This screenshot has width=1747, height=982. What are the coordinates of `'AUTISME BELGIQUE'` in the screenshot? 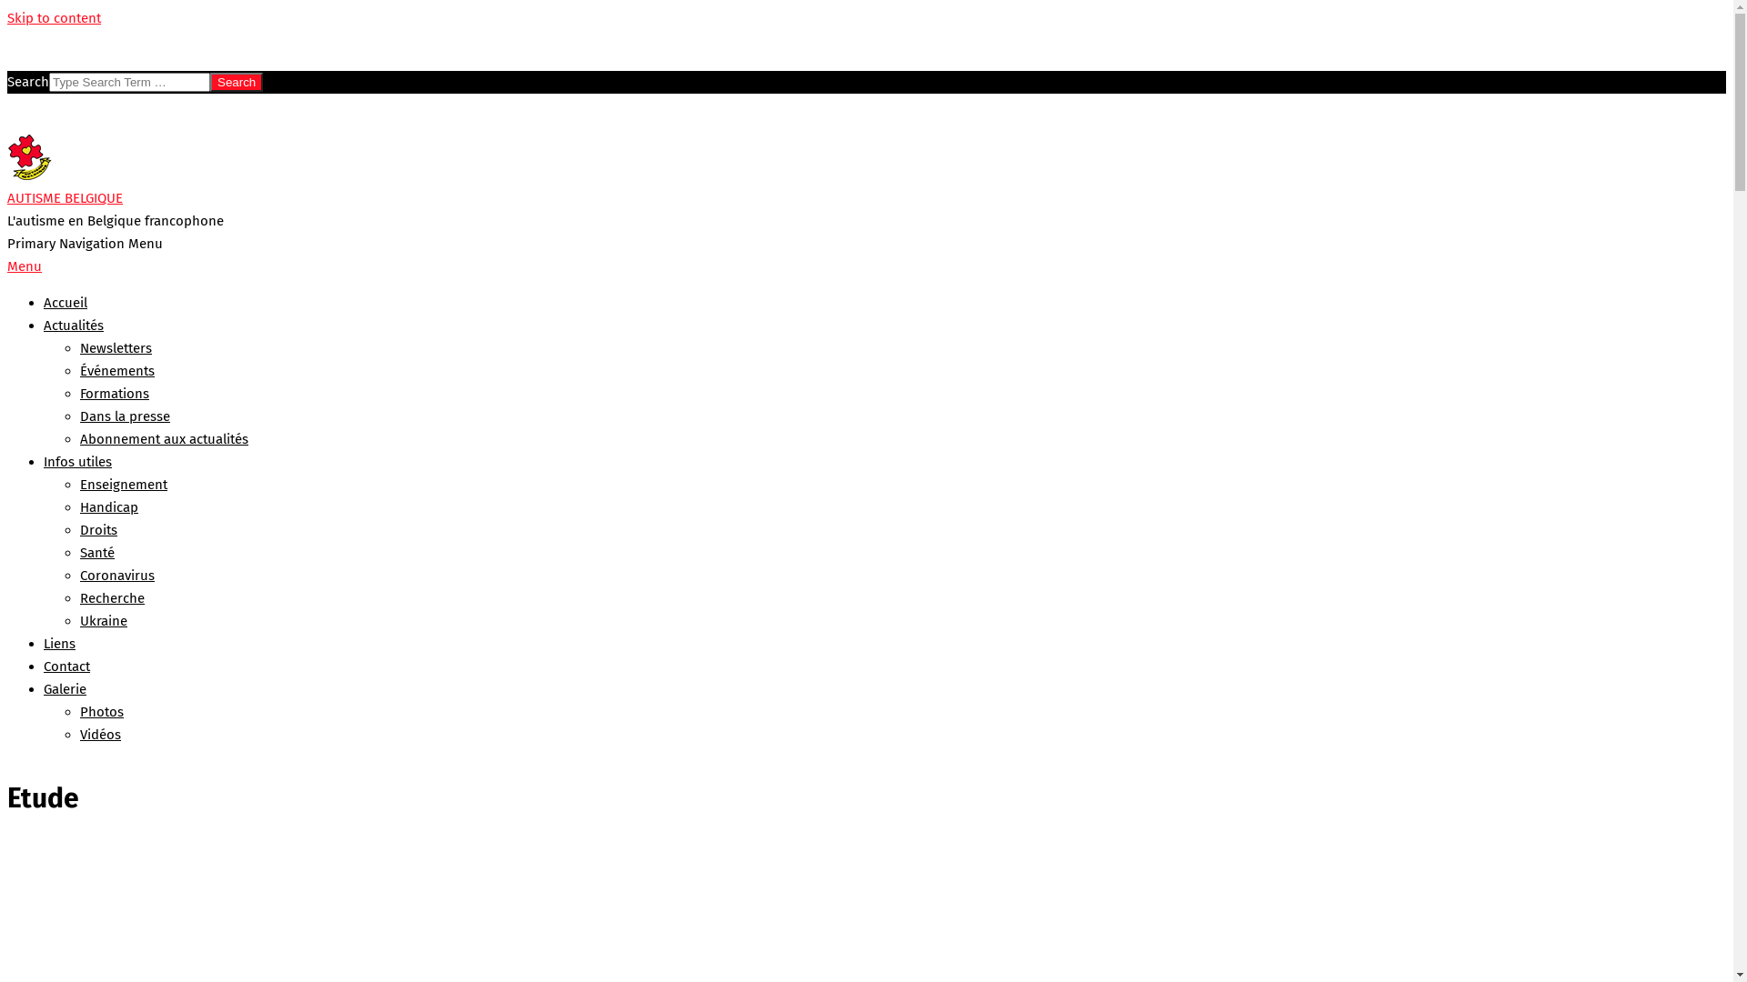 It's located at (65, 198).